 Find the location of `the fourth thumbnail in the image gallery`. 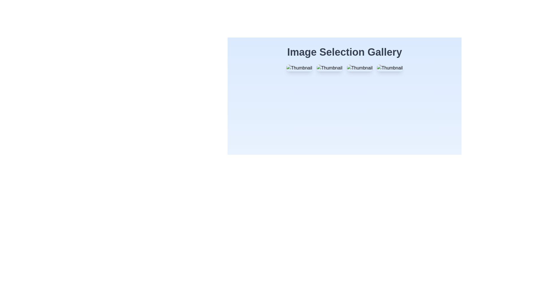

the fourth thumbnail in the image gallery is located at coordinates (389, 67).